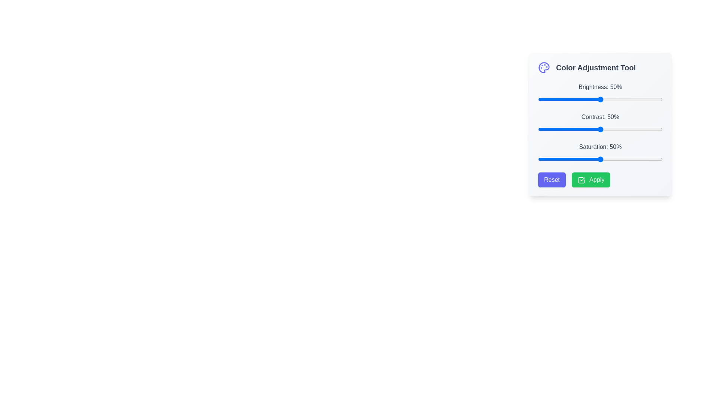 This screenshot has height=404, width=718. I want to click on contrast of the image, so click(647, 129).